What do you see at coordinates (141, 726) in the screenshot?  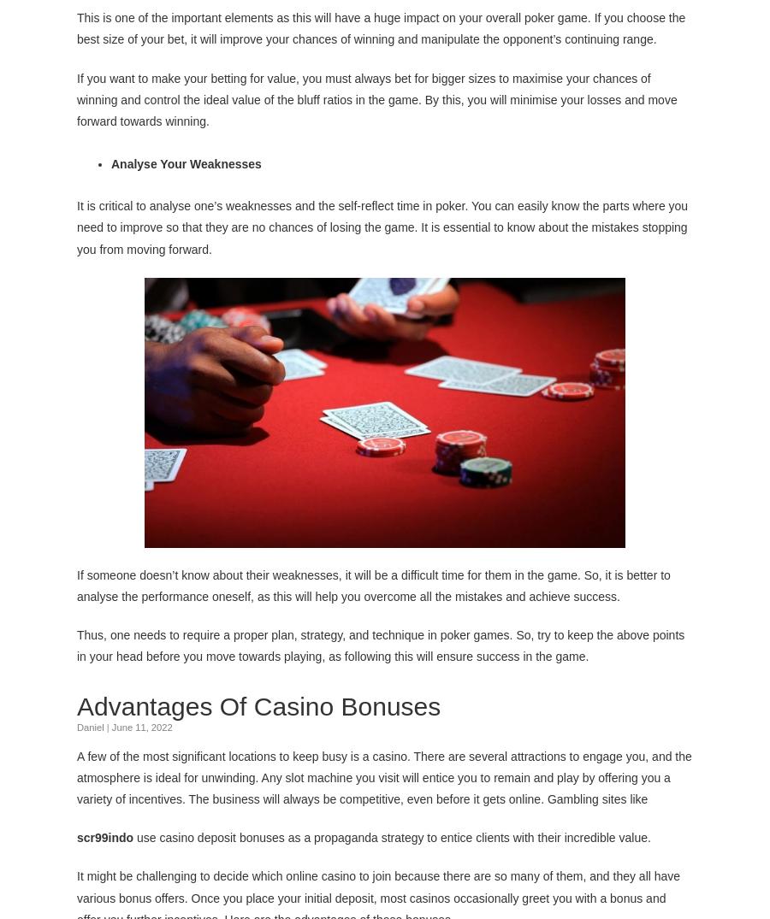 I see `'June 11, 2022'` at bounding box center [141, 726].